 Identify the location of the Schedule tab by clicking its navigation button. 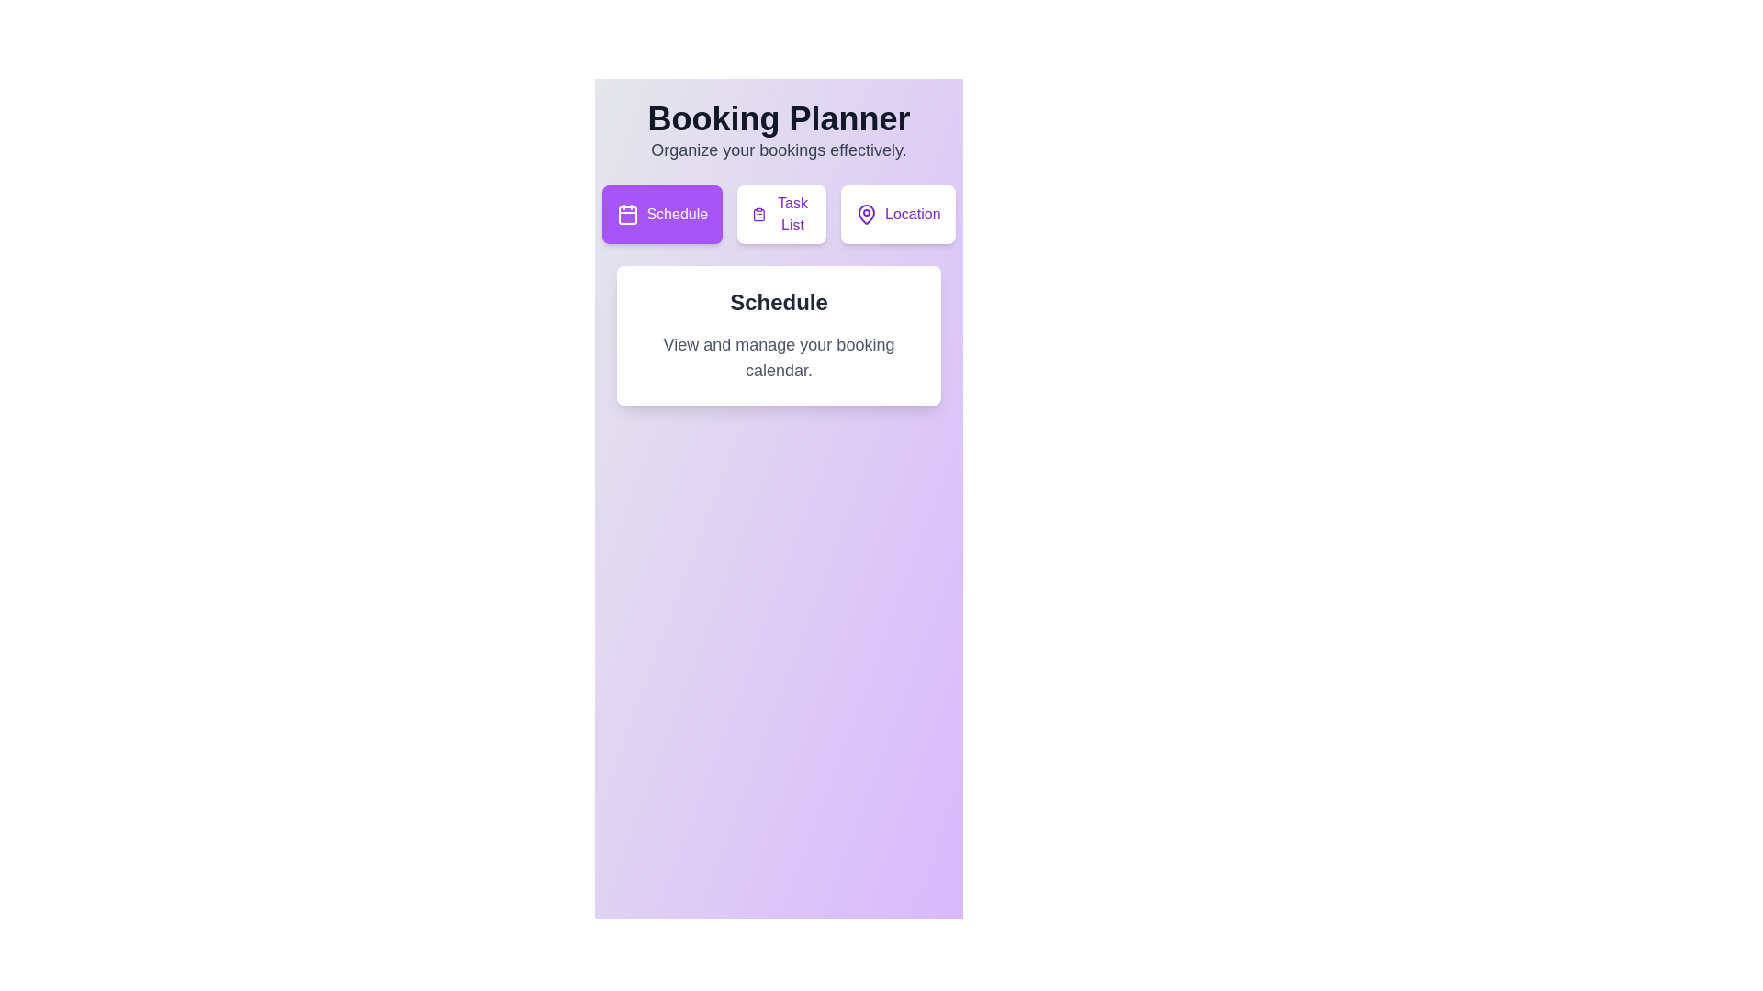
(661, 214).